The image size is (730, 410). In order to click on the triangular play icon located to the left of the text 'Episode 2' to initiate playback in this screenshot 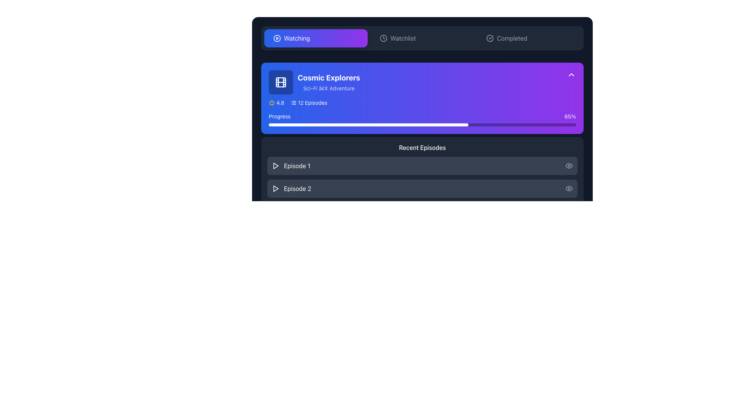, I will do `click(275, 188)`.